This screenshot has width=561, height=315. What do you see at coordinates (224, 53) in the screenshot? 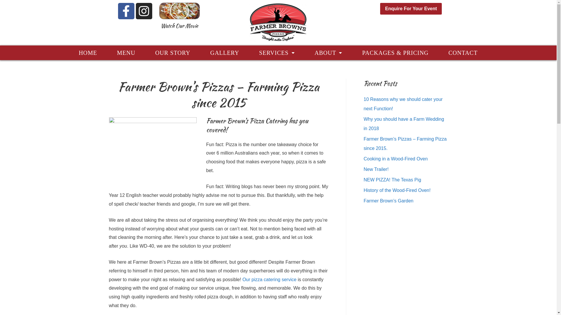
I see `'GALLERY'` at bounding box center [224, 53].